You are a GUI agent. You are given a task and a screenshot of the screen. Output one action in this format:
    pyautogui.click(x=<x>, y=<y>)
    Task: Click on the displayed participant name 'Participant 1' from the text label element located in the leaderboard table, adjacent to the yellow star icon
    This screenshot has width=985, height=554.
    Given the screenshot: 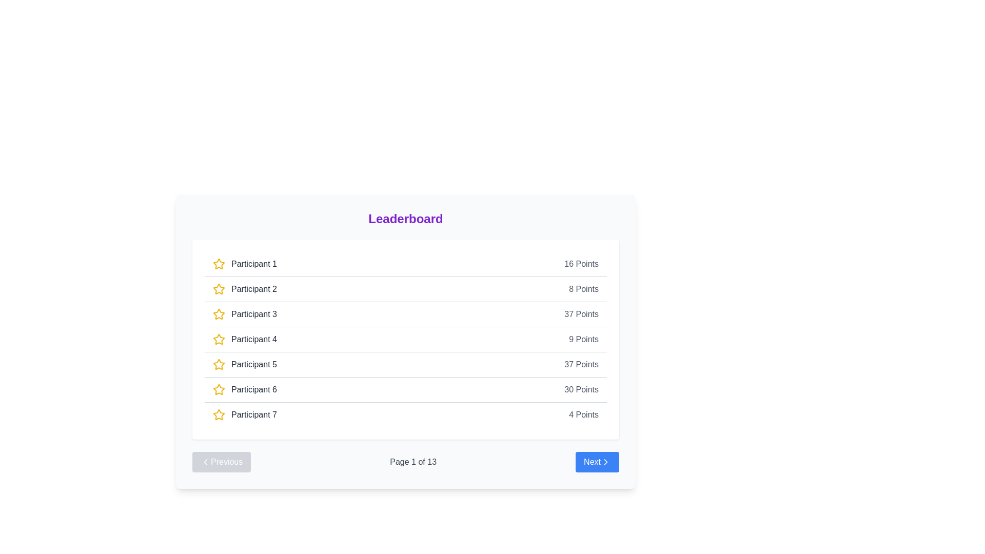 What is the action you would take?
    pyautogui.click(x=254, y=264)
    